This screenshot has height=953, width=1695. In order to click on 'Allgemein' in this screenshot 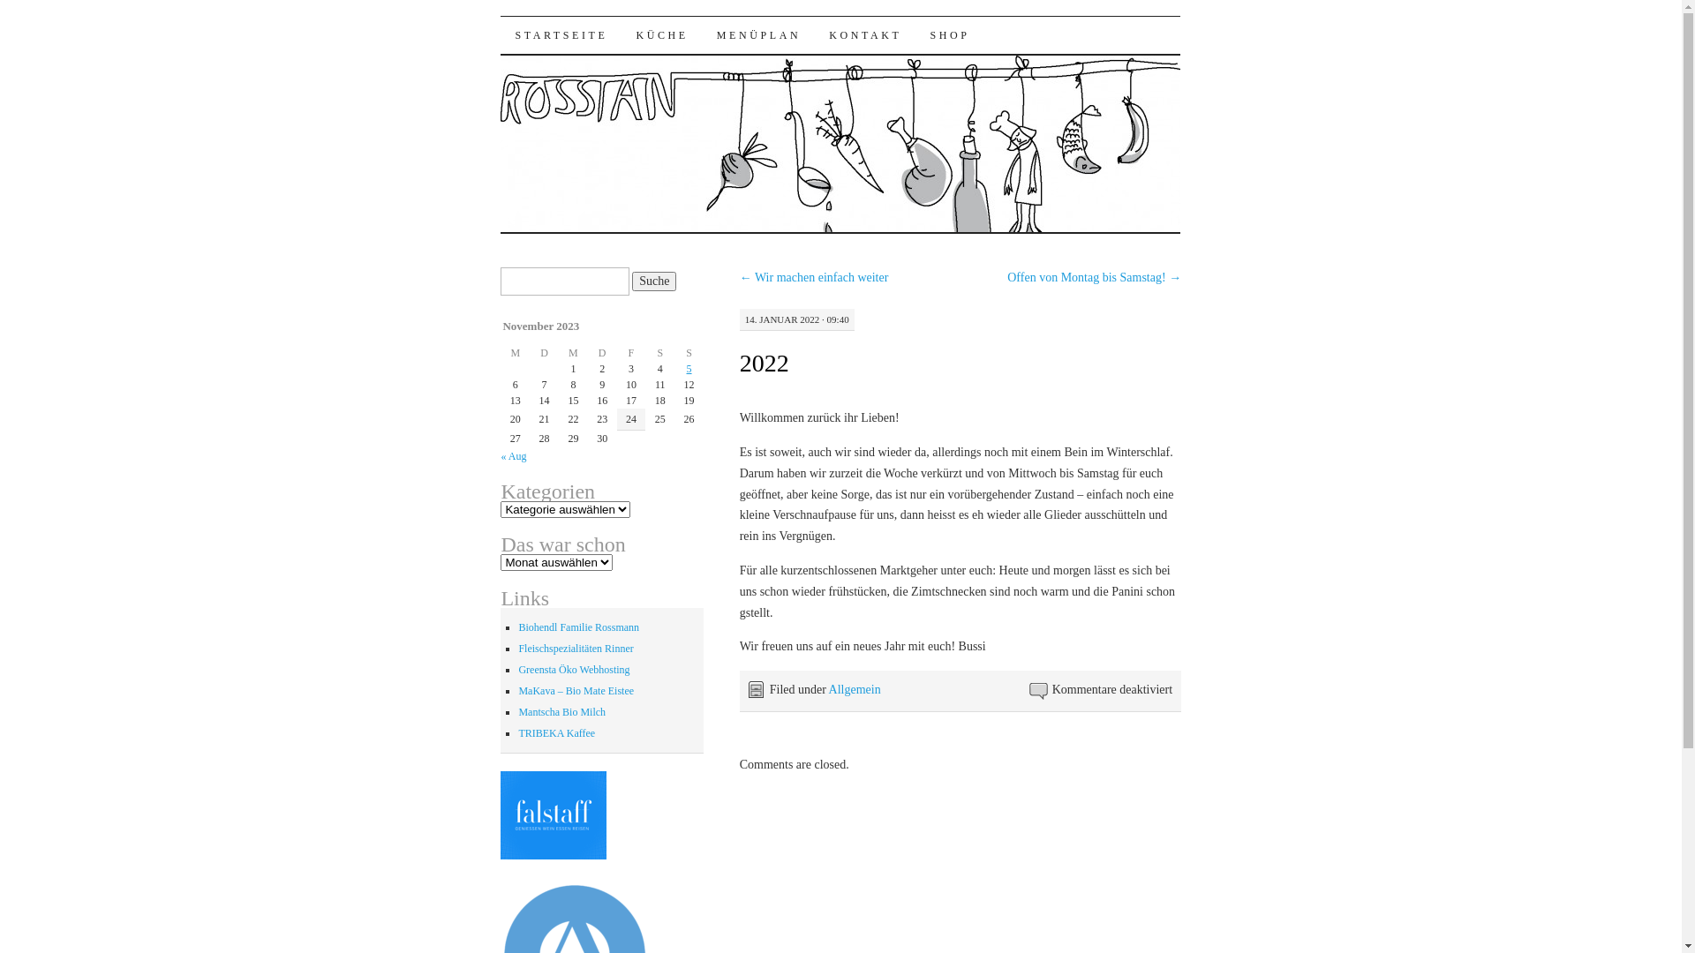, I will do `click(828, 688)`.